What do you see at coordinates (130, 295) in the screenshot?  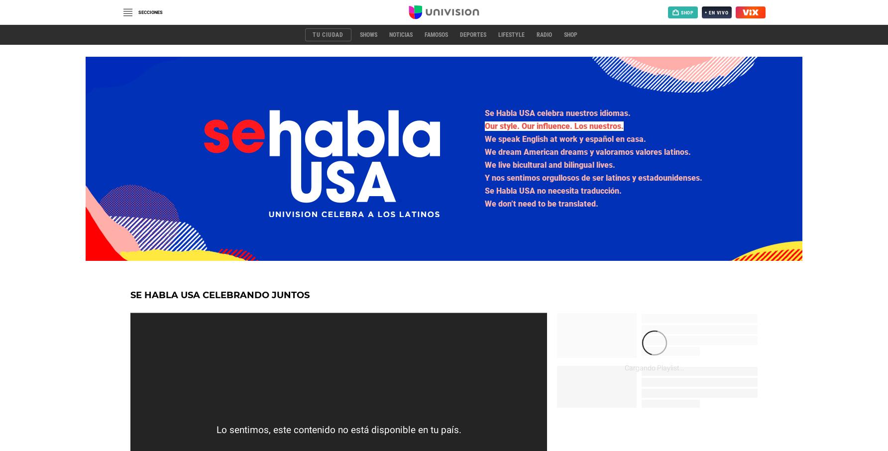 I see `'Se Habla USA Celebrando Juntos'` at bounding box center [130, 295].